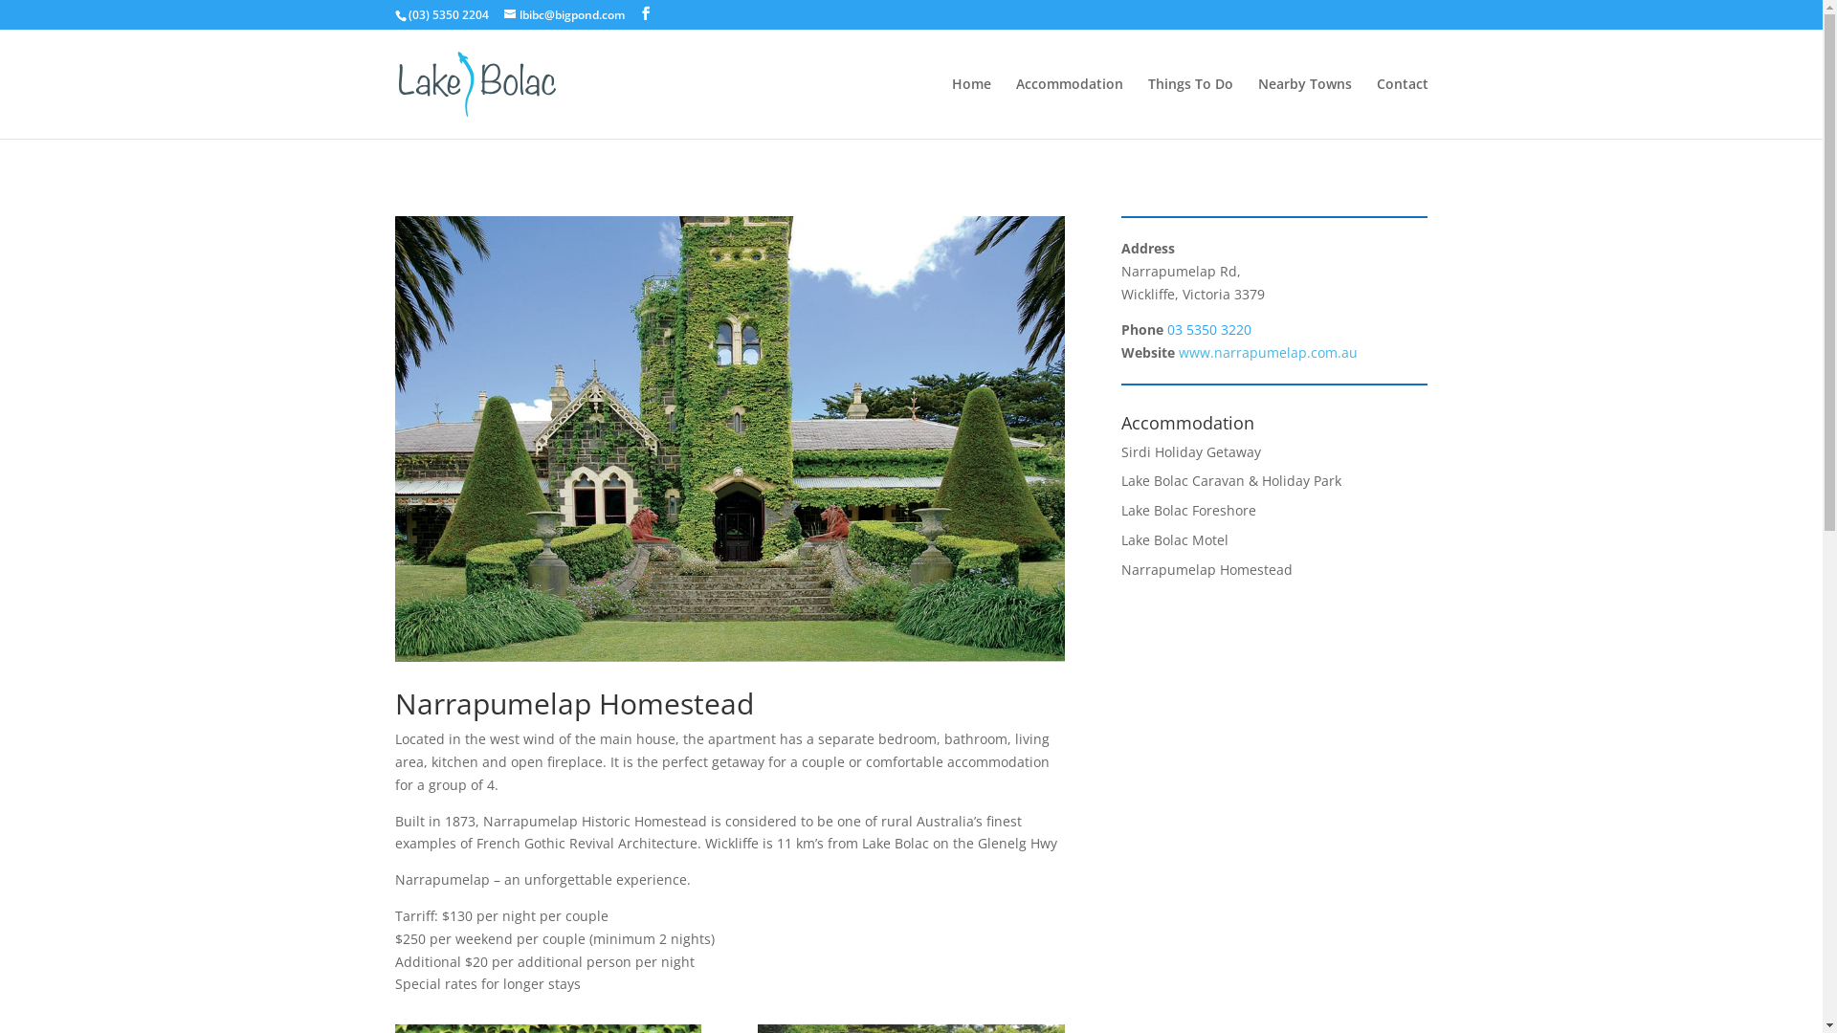 This screenshot has height=1033, width=1837. Describe the element at coordinates (1230, 479) in the screenshot. I see `'Lake Bolac Caravan & Holiday Park'` at that location.